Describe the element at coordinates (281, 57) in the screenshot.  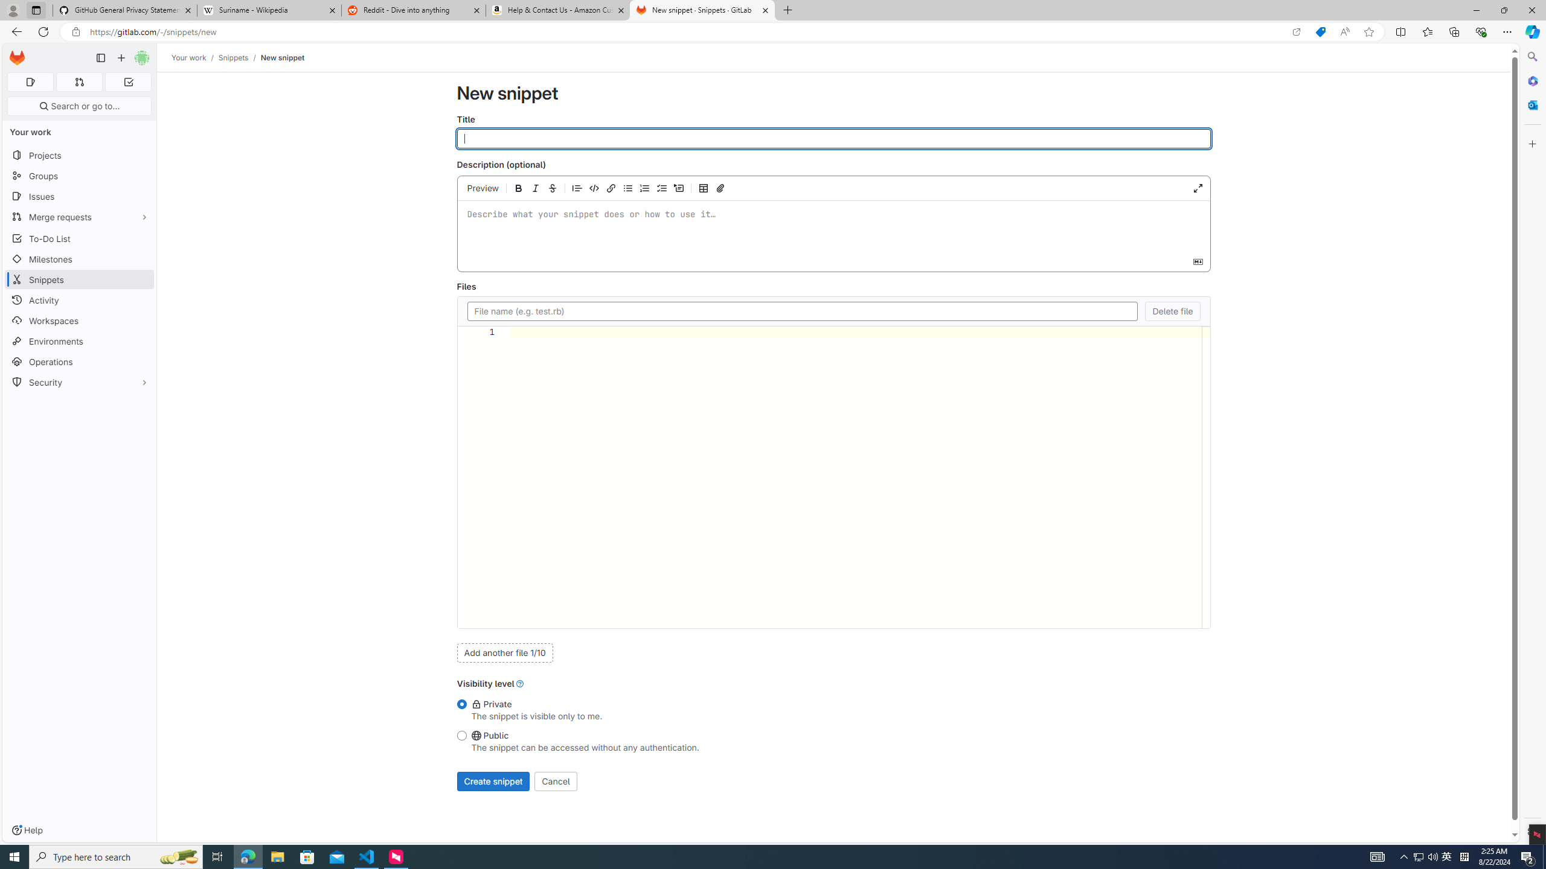
I see `'New snippet'` at that location.